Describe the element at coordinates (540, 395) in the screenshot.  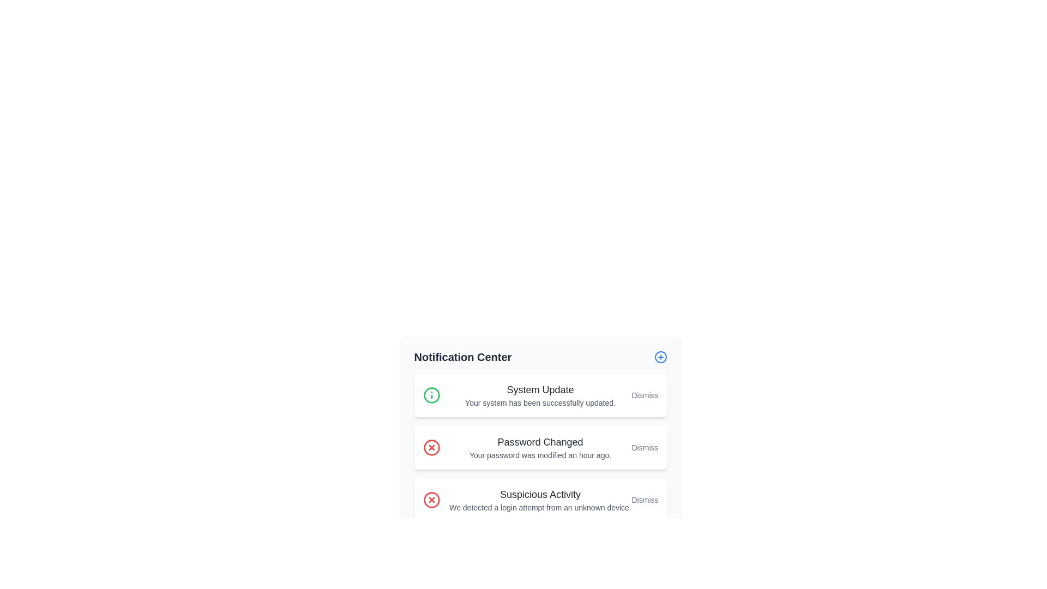
I see `the Static Text Display that shows the notification message 'System Update' and 'Your system has been successfully updated.'` at that location.